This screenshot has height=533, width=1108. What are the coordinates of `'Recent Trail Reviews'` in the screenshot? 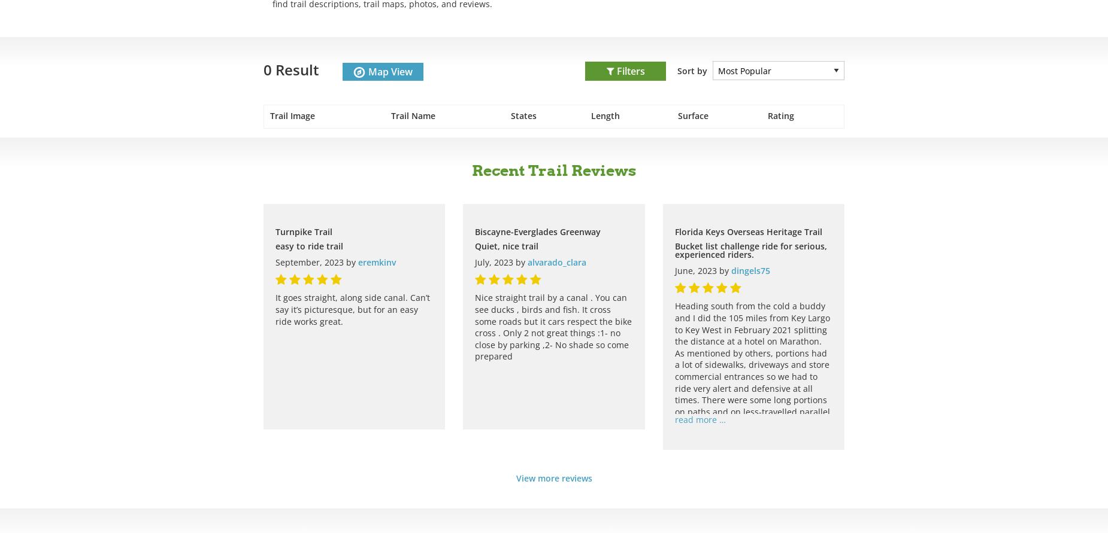 It's located at (471, 169).